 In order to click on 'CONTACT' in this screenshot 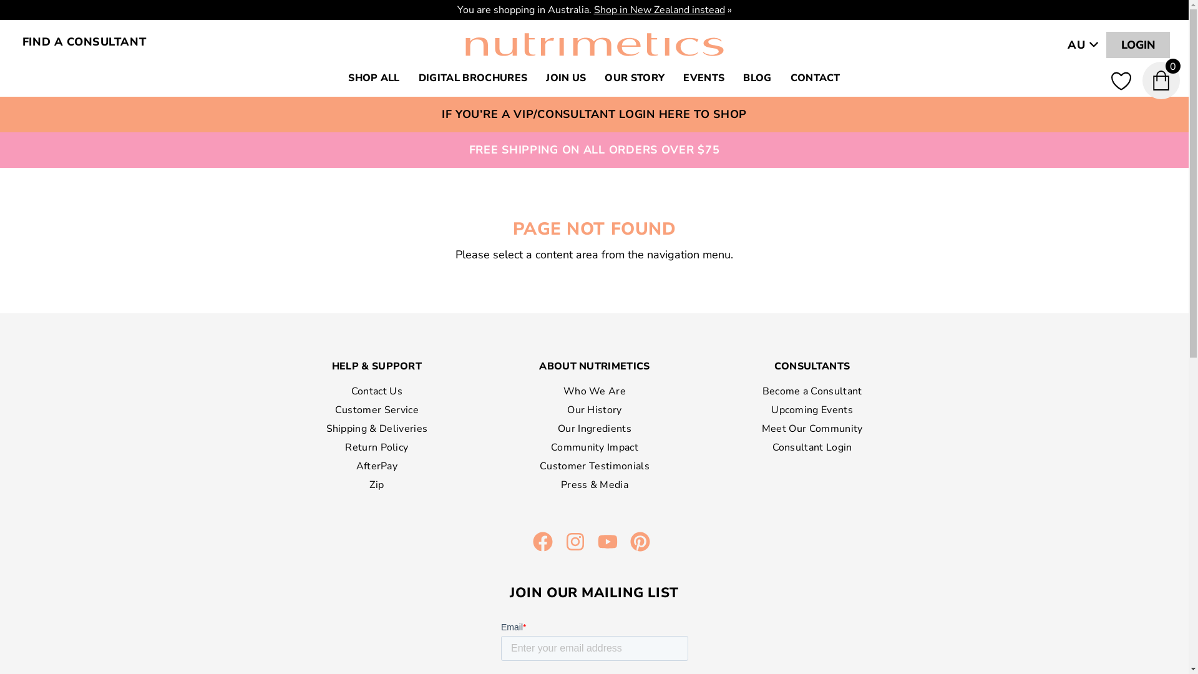, I will do `click(781, 77)`.